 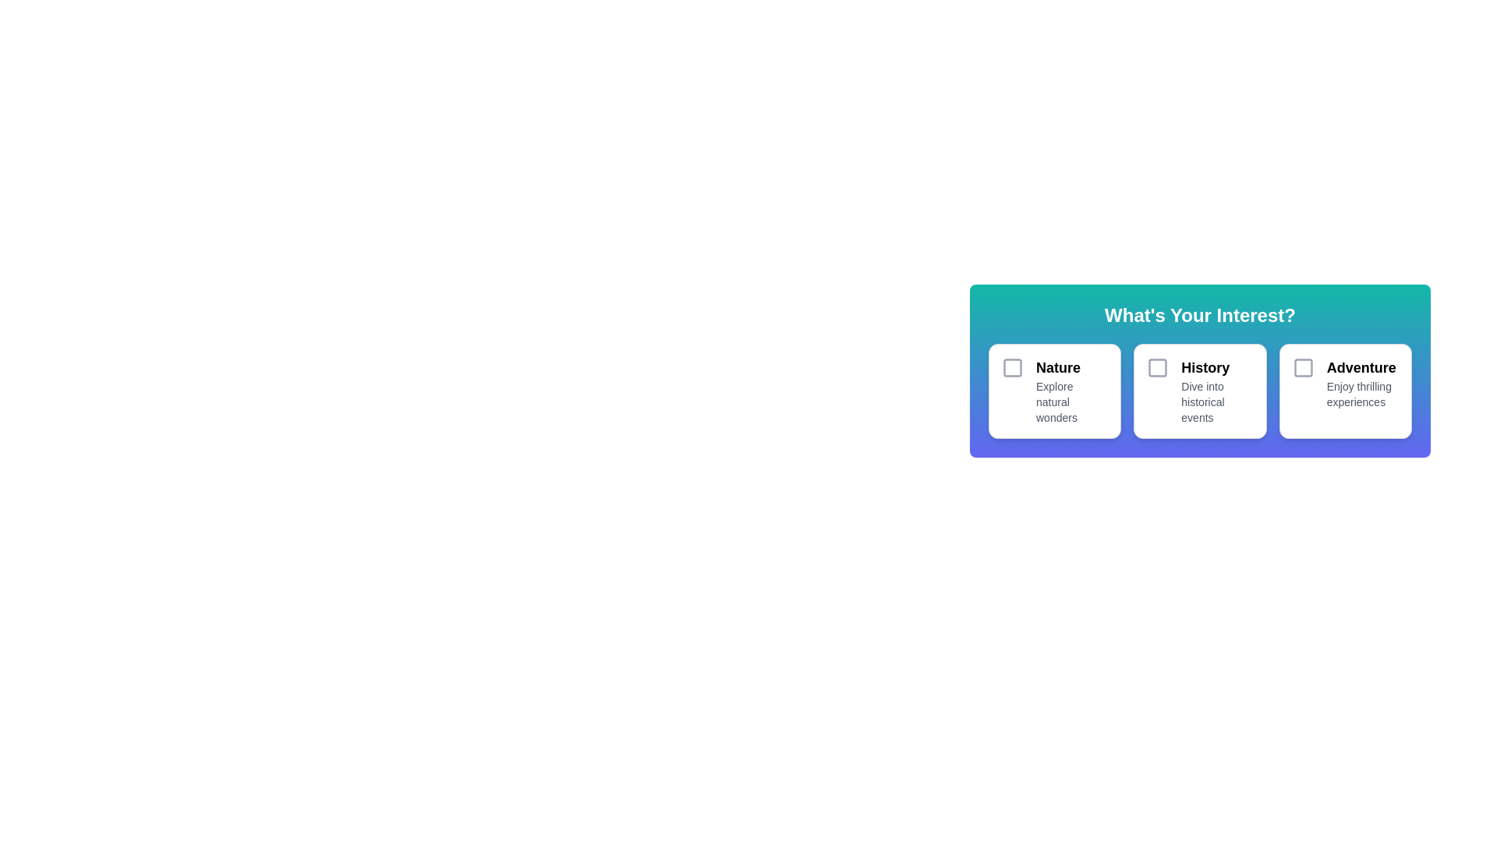 I want to click on the checkbox, so click(x=1013, y=367).